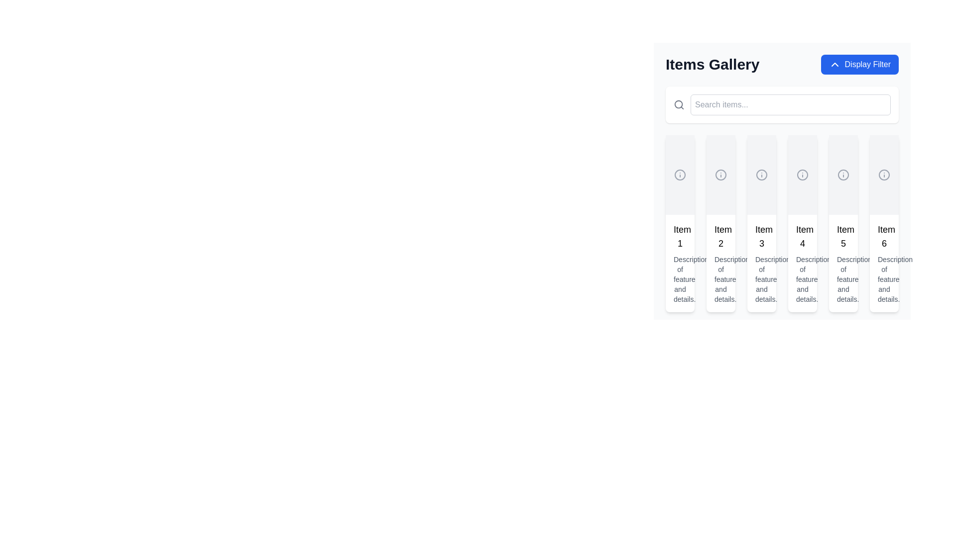 The height and width of the screenshot is (537, 956). Describe the element at coordinates (803, 224) in the screenshot. I see `the card labeled 'Item 4' which has a light background and a drop shadow, located in the first row and fourth column of the grid` at that location.